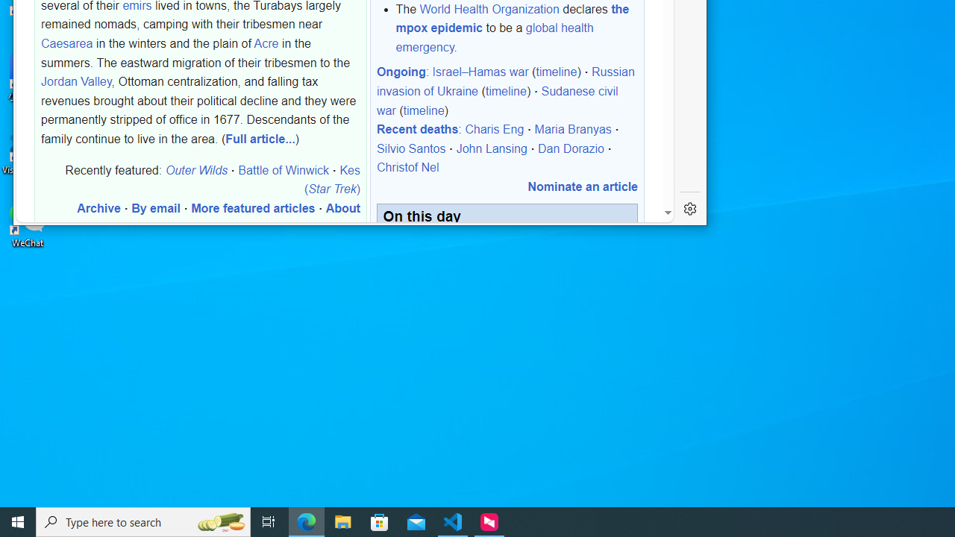  Describe the element at coordinates (342, 521) in the screenshot. I see `'File Explorer'` at that location.